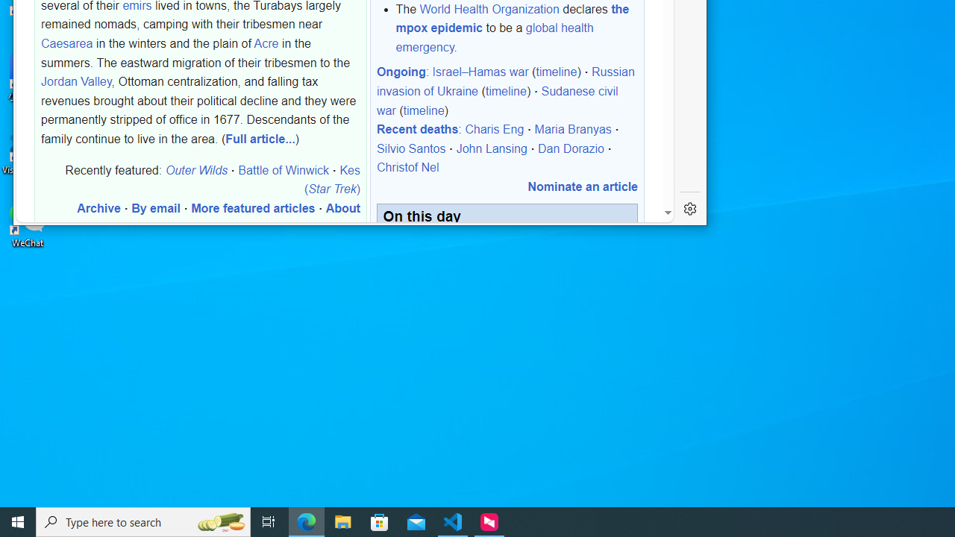  Describe the element at coordinates (342, 521) in the screenshot. I see `'File Explorer'` at that location.